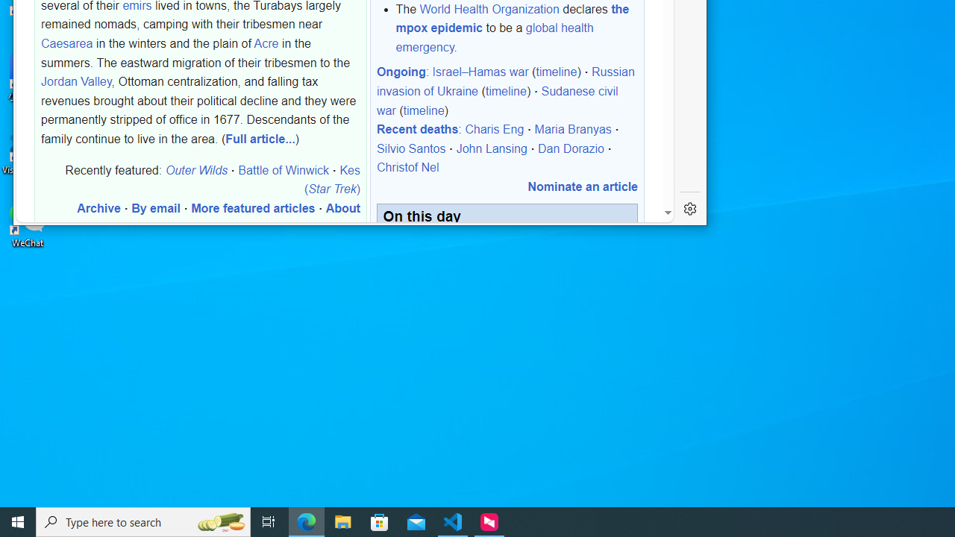  Describe the element at coordinates (342, 521) in the screenshot. I see `'File Explorer'` at that location.